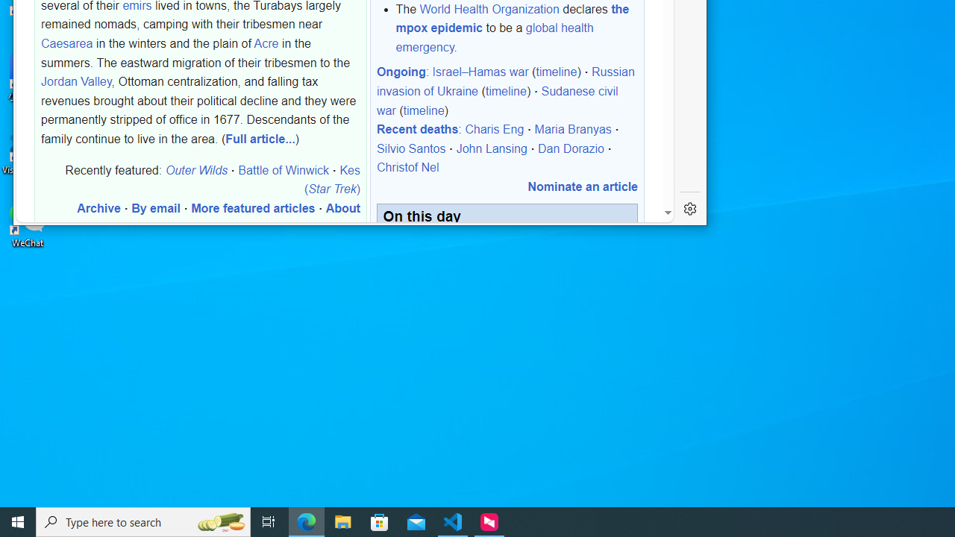  Describe the element at coordinates (342, 521) in the screenshot. I see `'File Explorer'` at that location.